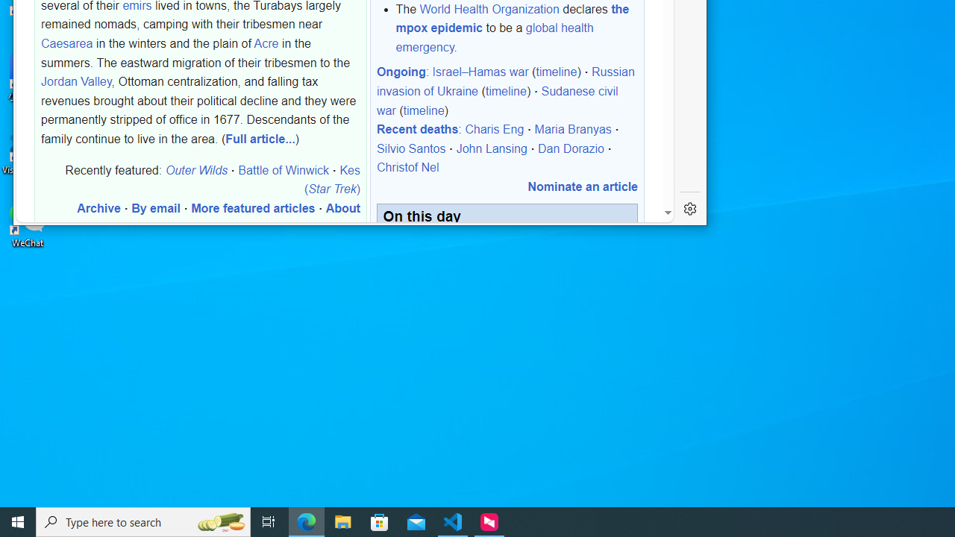  Describe the element at coordinates (342, 521) in the screenshot. I see `'File Explorer'` at that location.